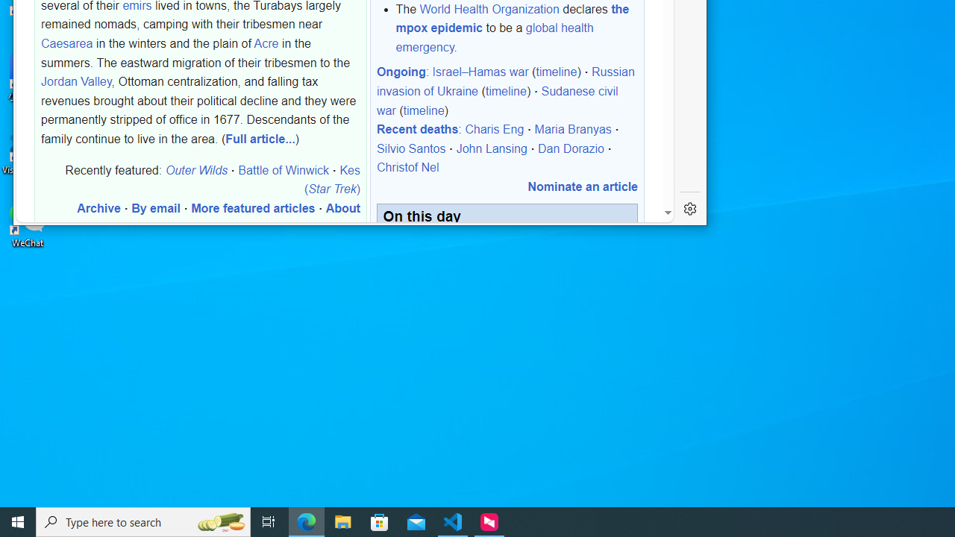  Describe the element at coordinates (342, 521) in the screenshot. I see `'File Explorer'` at that location.